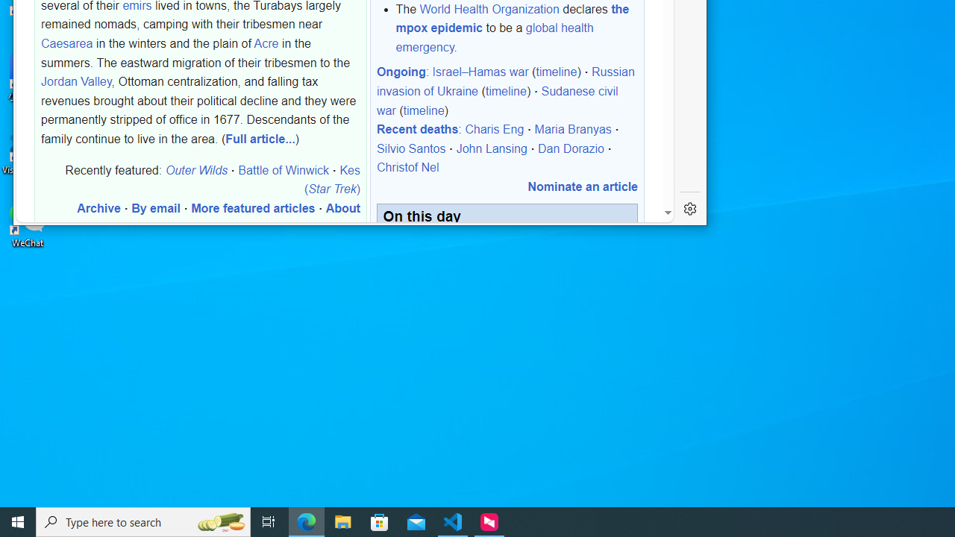  Describe the element at coordinates (342, 521) in the screenshot. I see `'File Explorer'` at that location.